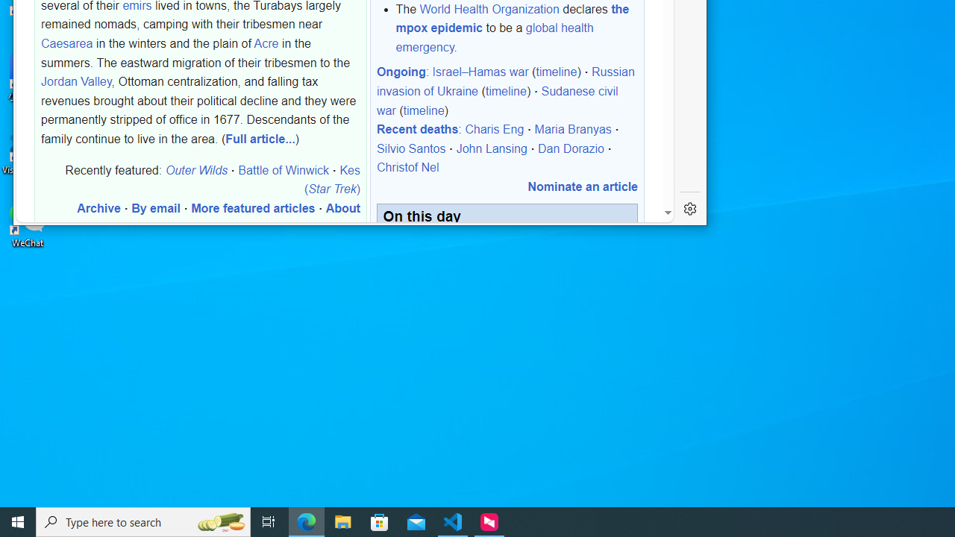  Describe the element at coordinates (342, 521) in the screenshot. I see `'File Explorer'` at that location.